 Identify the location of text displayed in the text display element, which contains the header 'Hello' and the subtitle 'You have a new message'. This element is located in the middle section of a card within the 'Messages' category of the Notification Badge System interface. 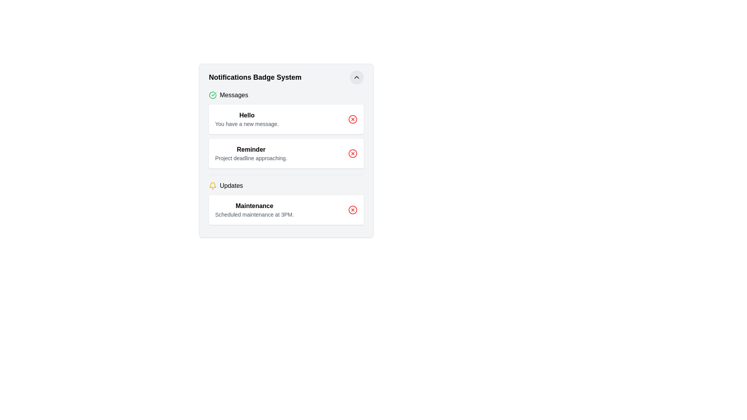
(246, 119).